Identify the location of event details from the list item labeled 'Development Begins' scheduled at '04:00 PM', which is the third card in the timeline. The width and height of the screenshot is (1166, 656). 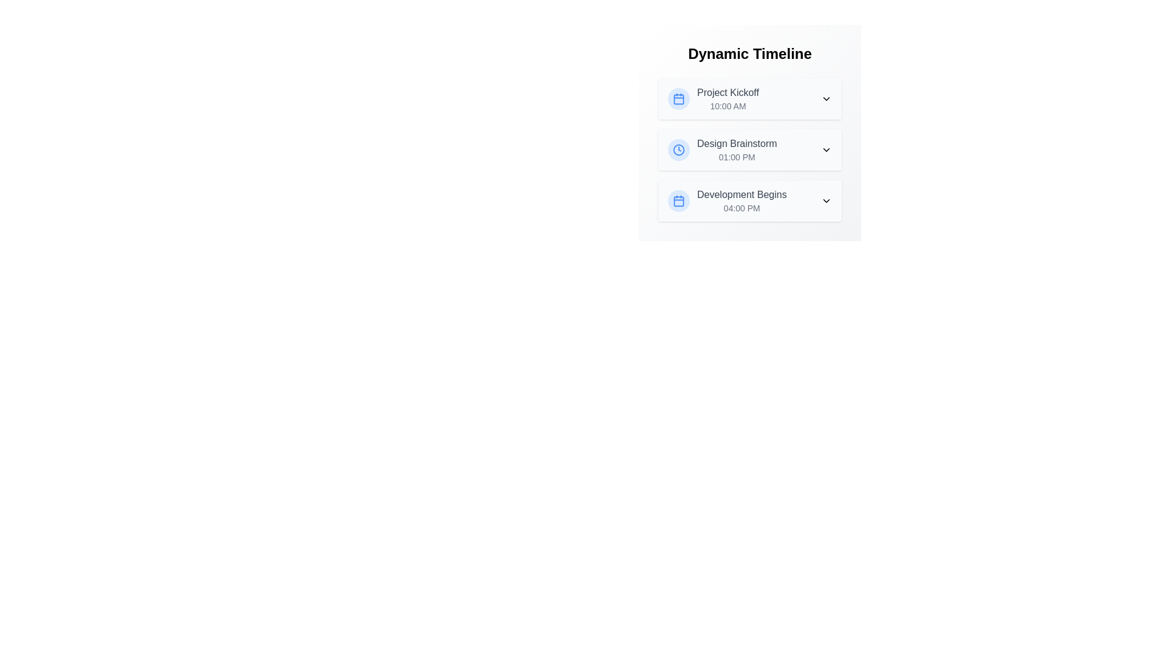
(749, 200).